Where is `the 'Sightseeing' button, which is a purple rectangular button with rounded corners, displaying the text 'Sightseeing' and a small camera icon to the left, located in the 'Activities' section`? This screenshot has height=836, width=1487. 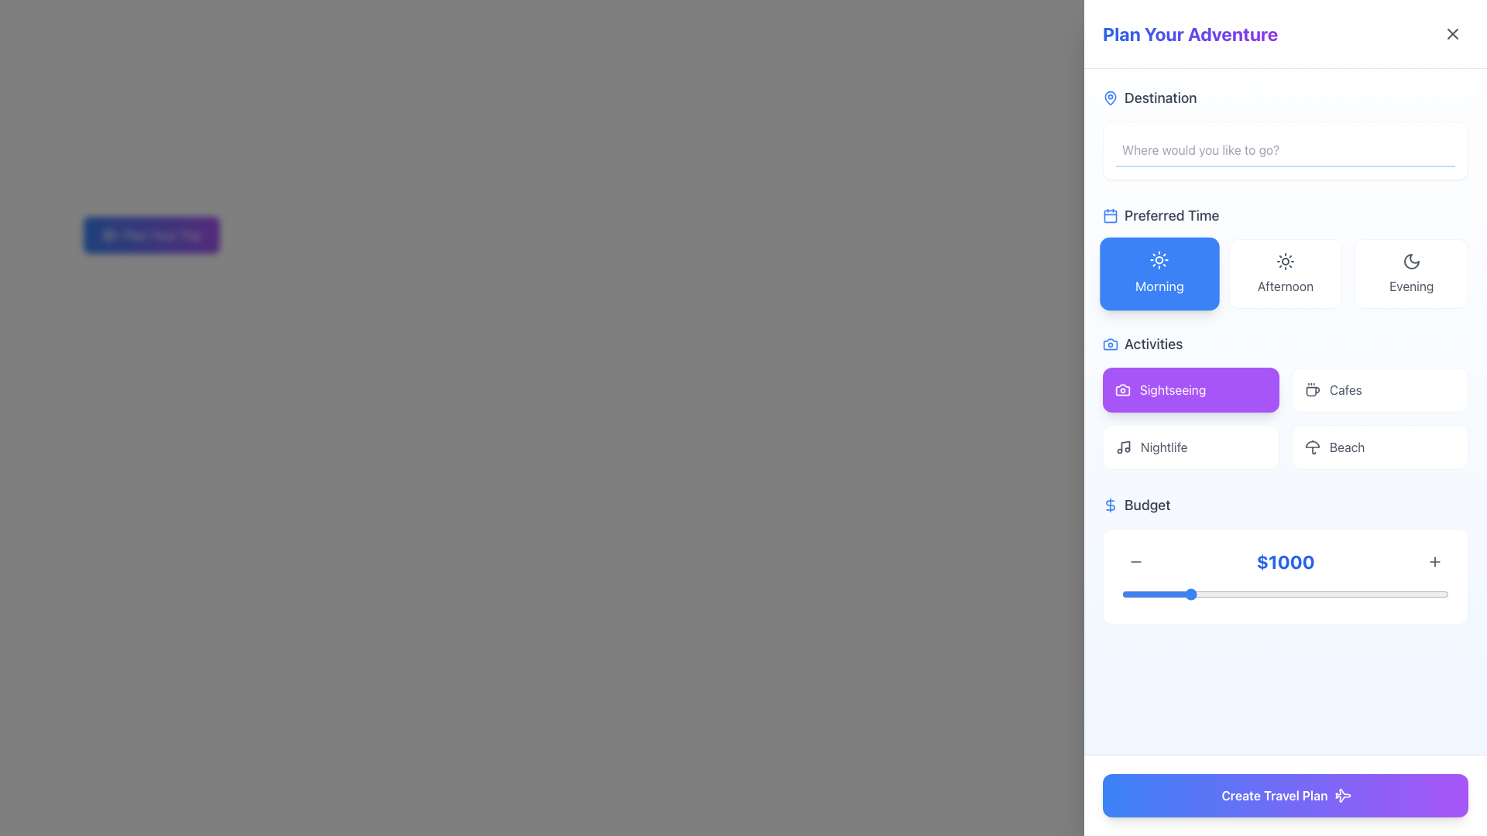 the 'Sightseeing' button, which is a purple rectangular button with rounded corners, displaying the text 'Sightseeing' and a small camera icon to the left, located in the 'Activities' section is located at coordinates (1173, 389).